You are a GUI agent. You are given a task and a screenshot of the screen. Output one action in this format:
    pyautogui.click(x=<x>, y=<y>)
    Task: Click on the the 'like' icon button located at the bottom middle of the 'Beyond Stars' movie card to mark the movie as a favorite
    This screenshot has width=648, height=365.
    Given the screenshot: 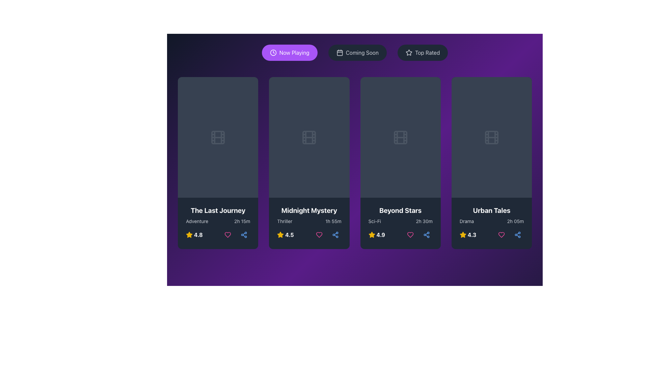 What is the action you would take?
    pyautogui.click(x=410, y=235)
    